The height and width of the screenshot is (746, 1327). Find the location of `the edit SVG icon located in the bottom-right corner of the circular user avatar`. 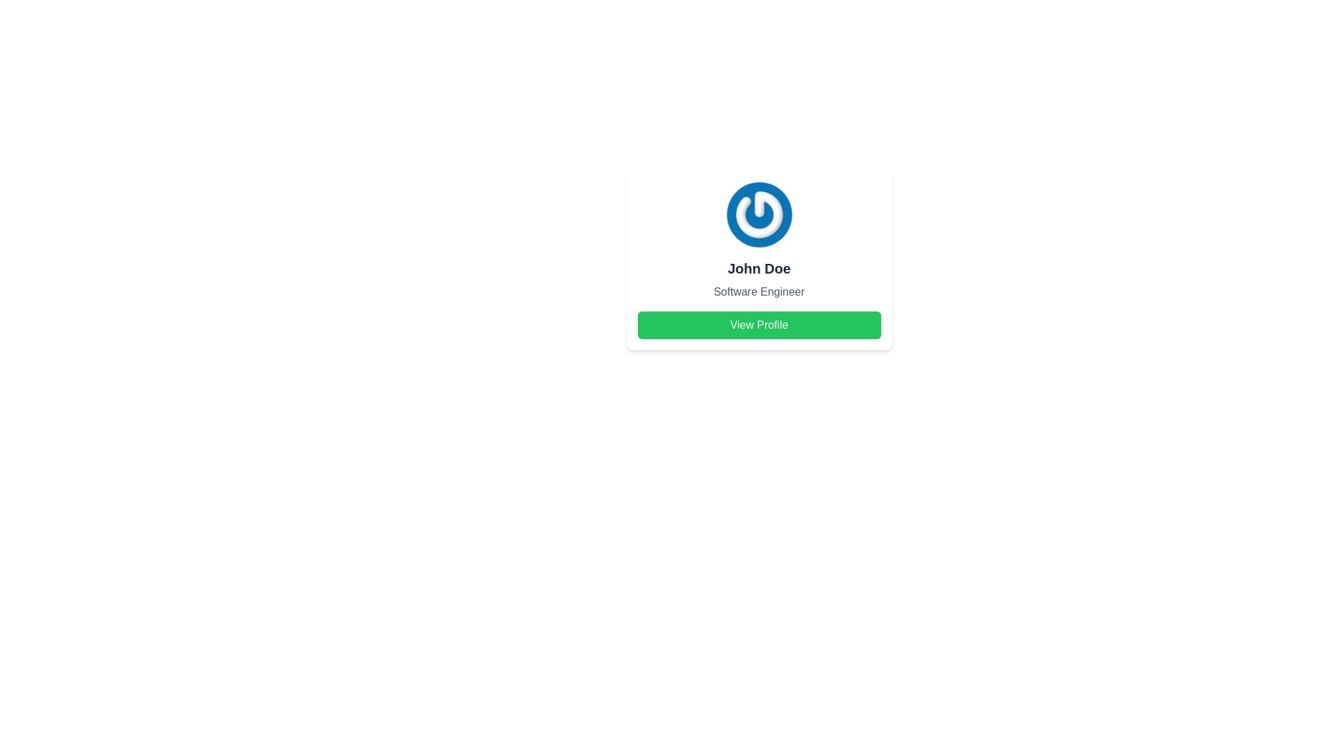

the edit SVG icon located in the bottom-right corner of the circular user avatar is located at coordinates (782, 237).